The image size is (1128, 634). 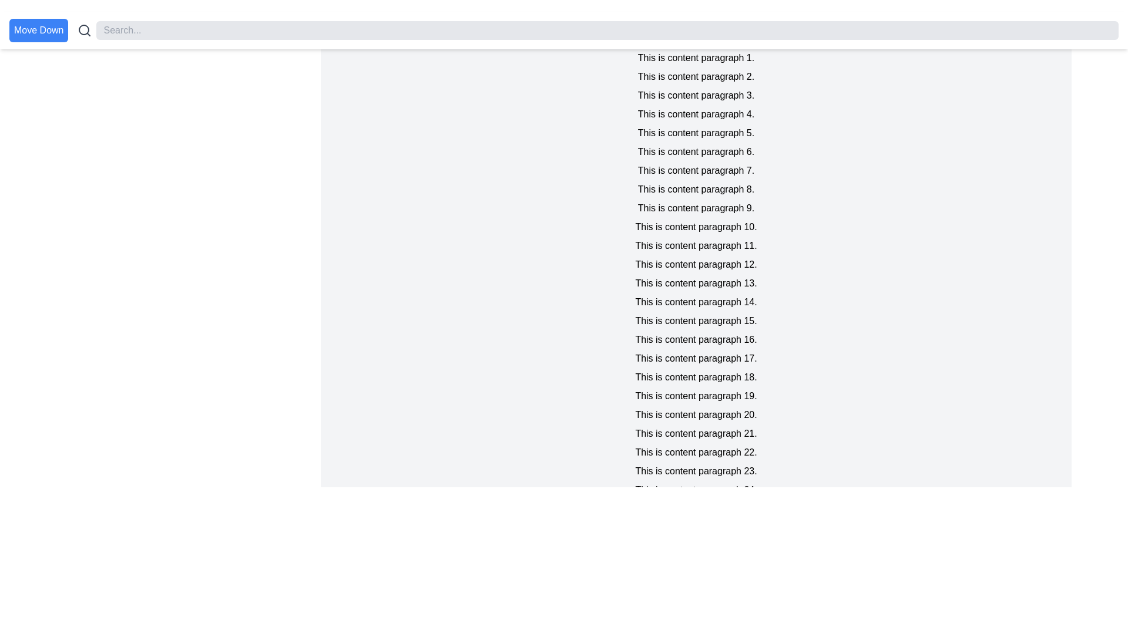 What do you see at coordinates (696, 434) in the screenshot?
I see `text content of the 21st paragraph in a vertical list of paragraphs` at bounding box center [696, 434].